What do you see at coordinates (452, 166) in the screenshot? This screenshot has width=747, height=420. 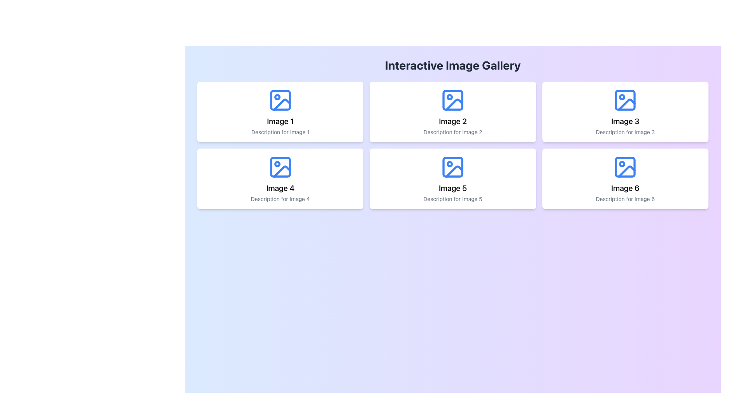 I see `the decorative vector graphic element that is part of the image icon in the fifth card, located in the second row and second column of the grid layout` at bounding box center [452, 166].